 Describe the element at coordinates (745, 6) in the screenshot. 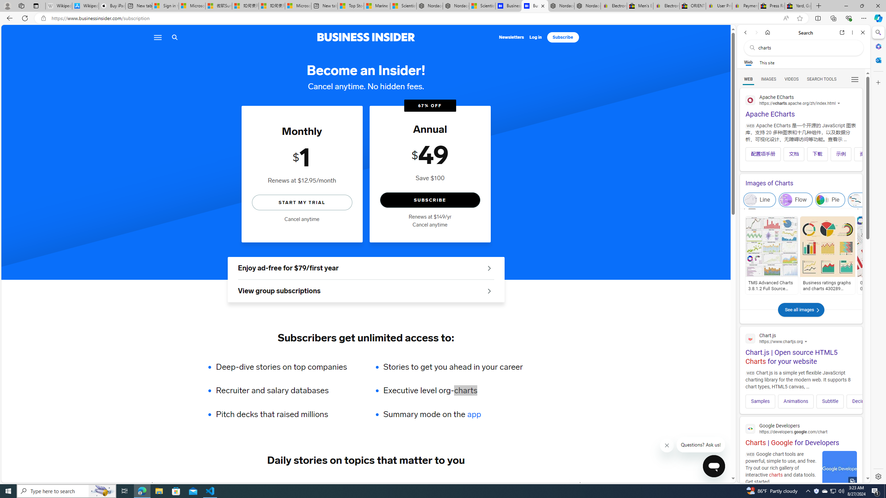

I see `'Payments Terms of Use | eBay.com'` at that location.